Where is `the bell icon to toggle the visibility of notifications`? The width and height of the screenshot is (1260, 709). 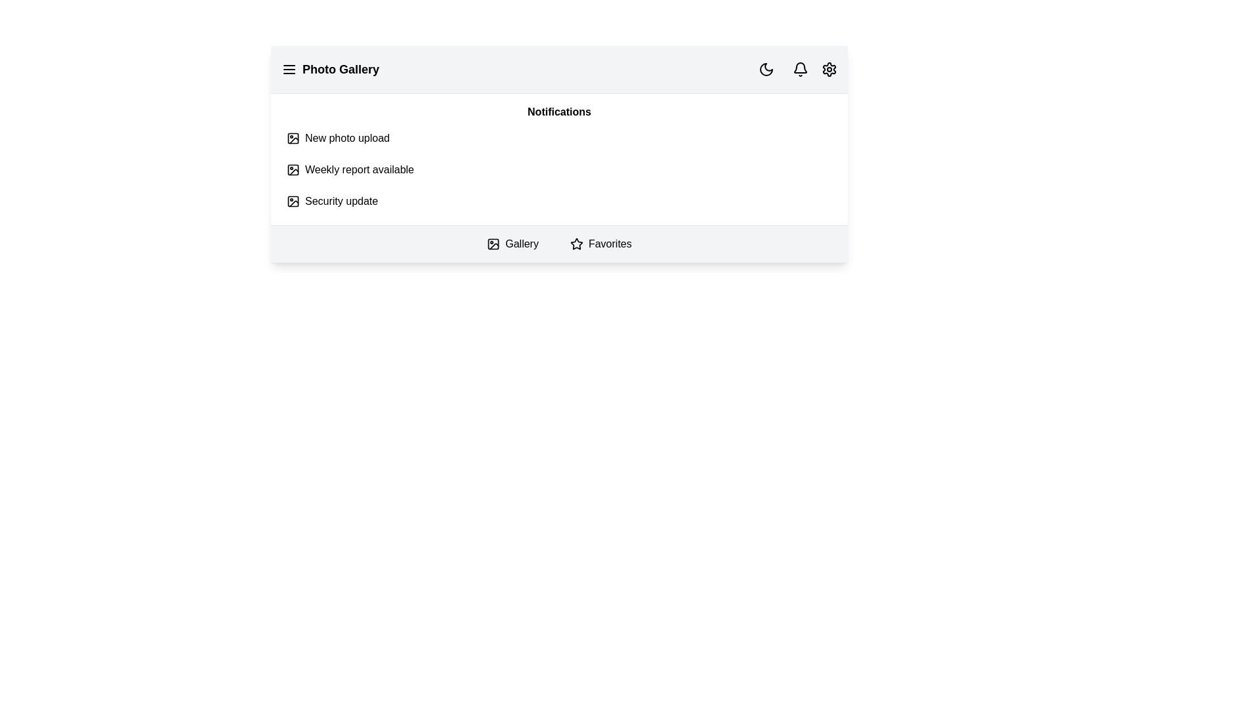
the bell icon to toggle the visibility of notifications is located at coordinates (799, 69).